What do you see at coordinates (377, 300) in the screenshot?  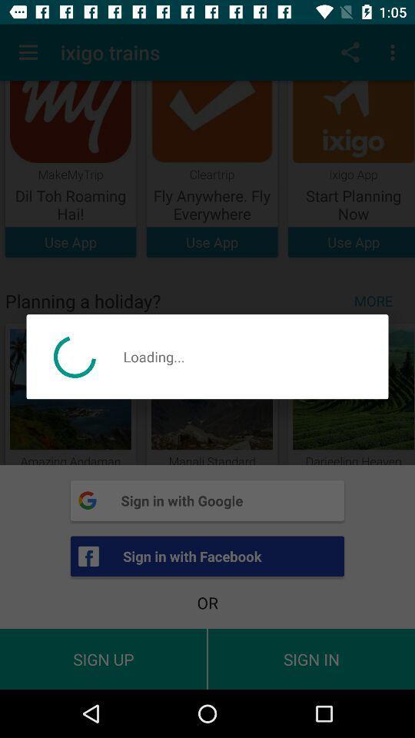 I see `more` at bounding box center [377, 300].